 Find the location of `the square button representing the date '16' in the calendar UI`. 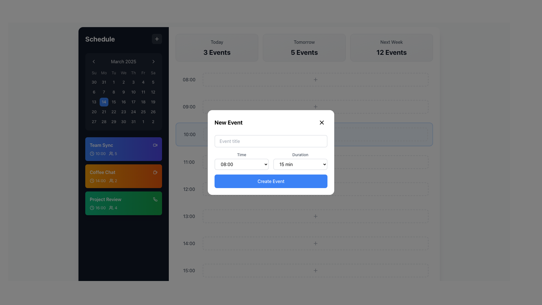

the square button representing the date '16' in the calendar UI is located at coordinates (123, 102).